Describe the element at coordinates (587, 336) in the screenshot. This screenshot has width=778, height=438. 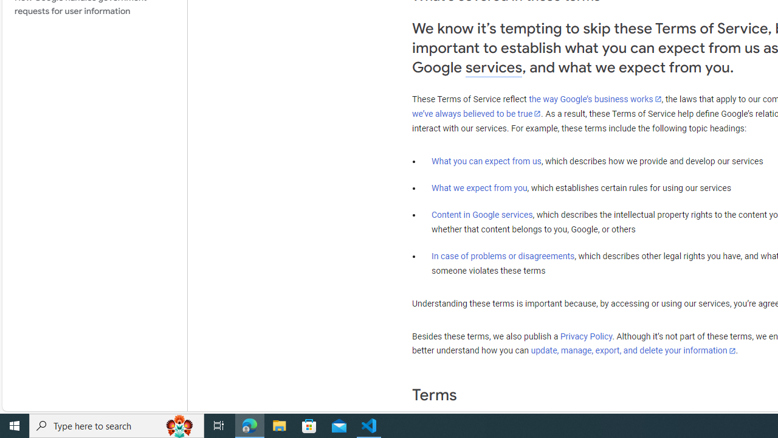
I see `'Privacy Policy'` at that location.